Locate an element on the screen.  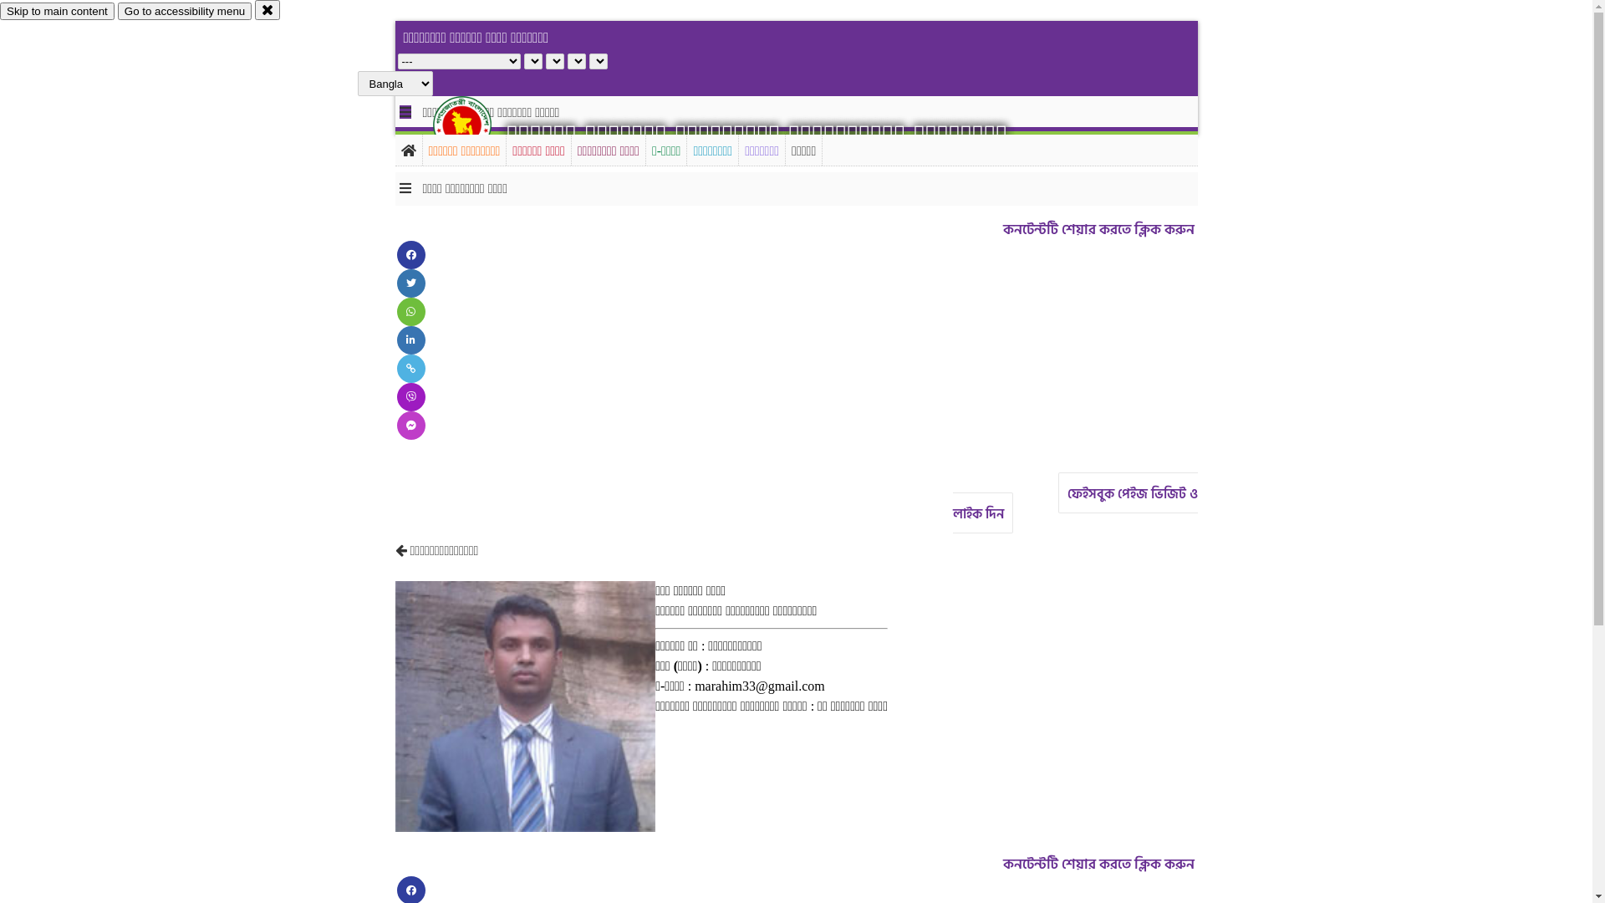
'Go to accessibility menu' is located at coordinates (184, 11).